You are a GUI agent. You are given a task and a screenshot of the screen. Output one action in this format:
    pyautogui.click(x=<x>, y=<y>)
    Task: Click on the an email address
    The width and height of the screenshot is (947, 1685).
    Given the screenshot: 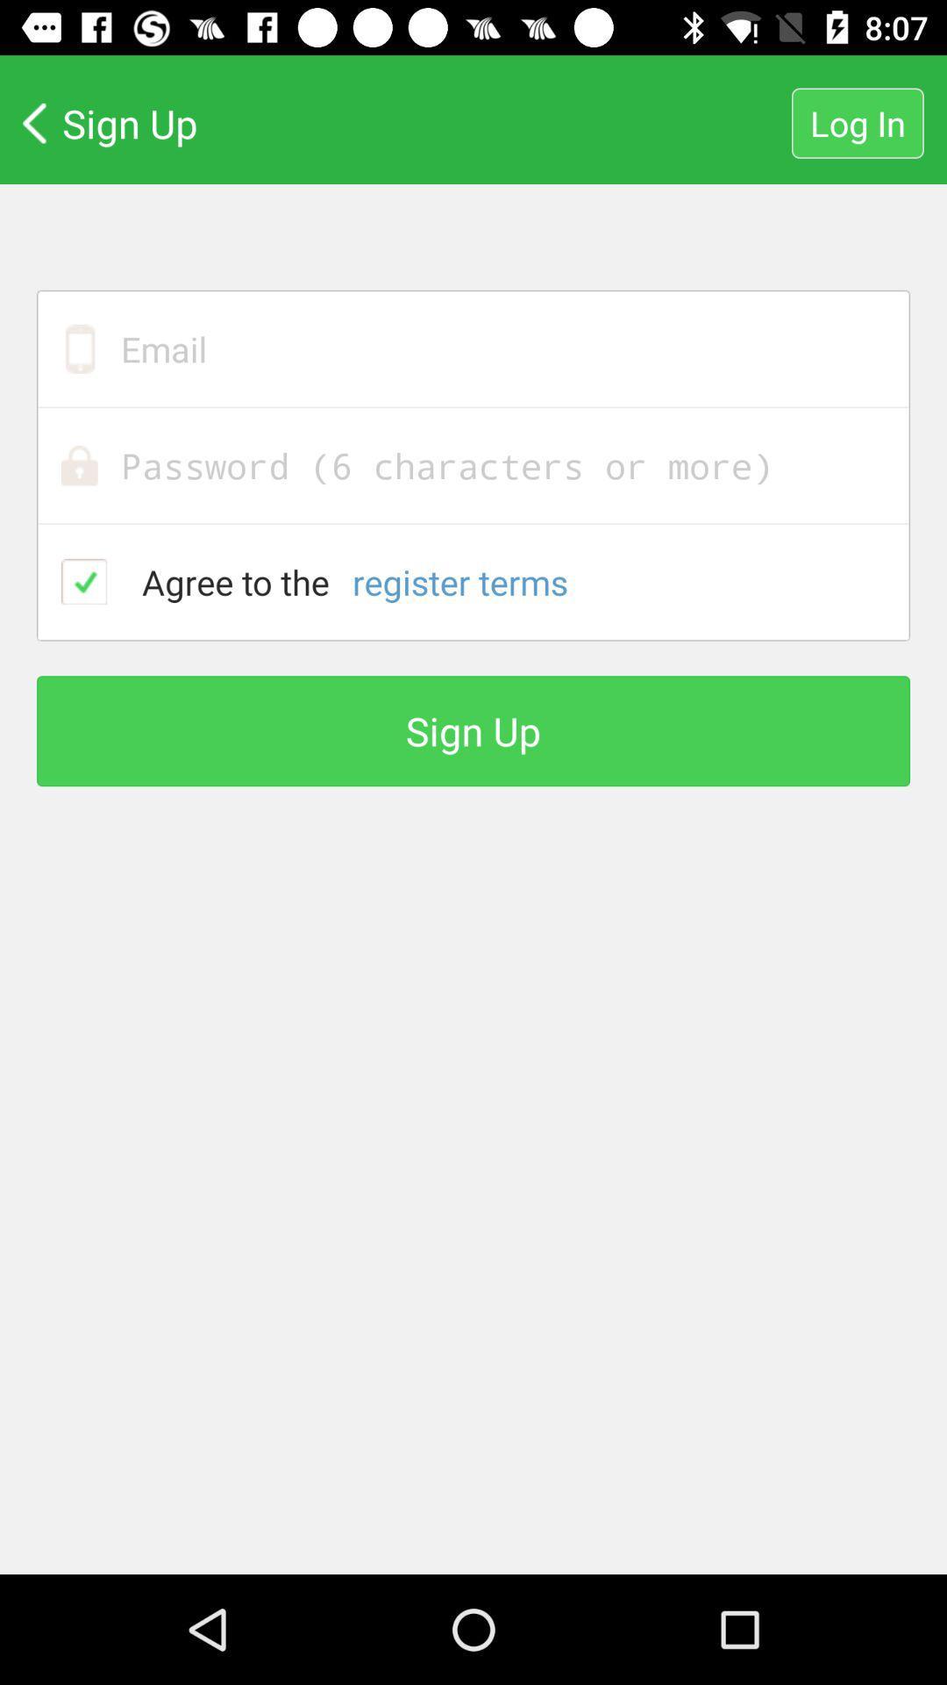 What is the action you would take?
    pyautogui.click(x=473, y=348)
    